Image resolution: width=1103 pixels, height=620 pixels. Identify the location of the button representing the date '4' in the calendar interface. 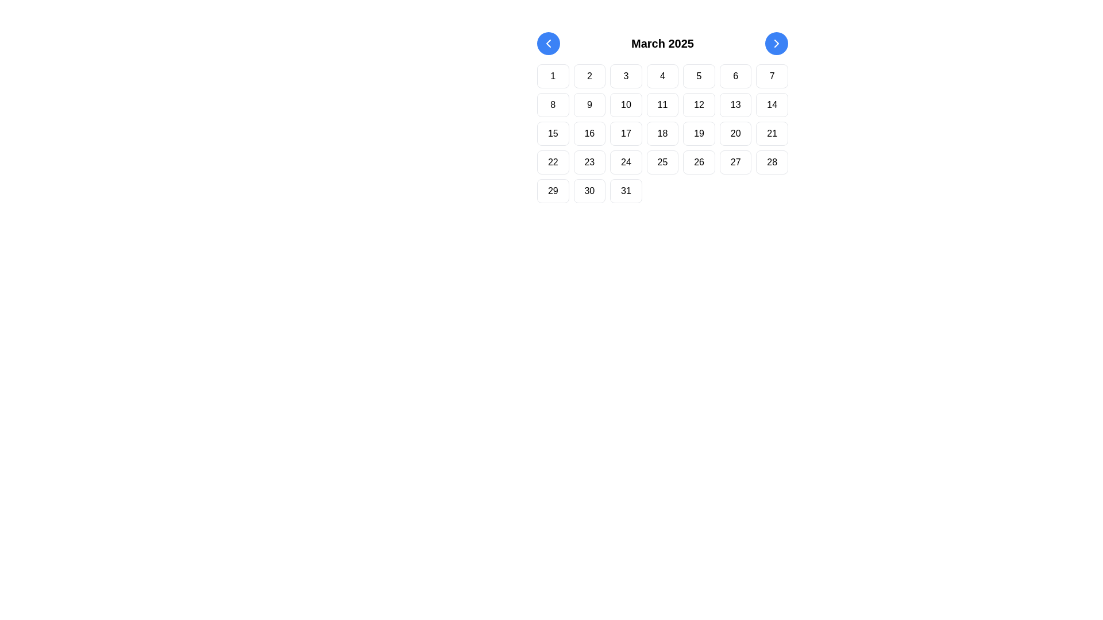
(662, 76).